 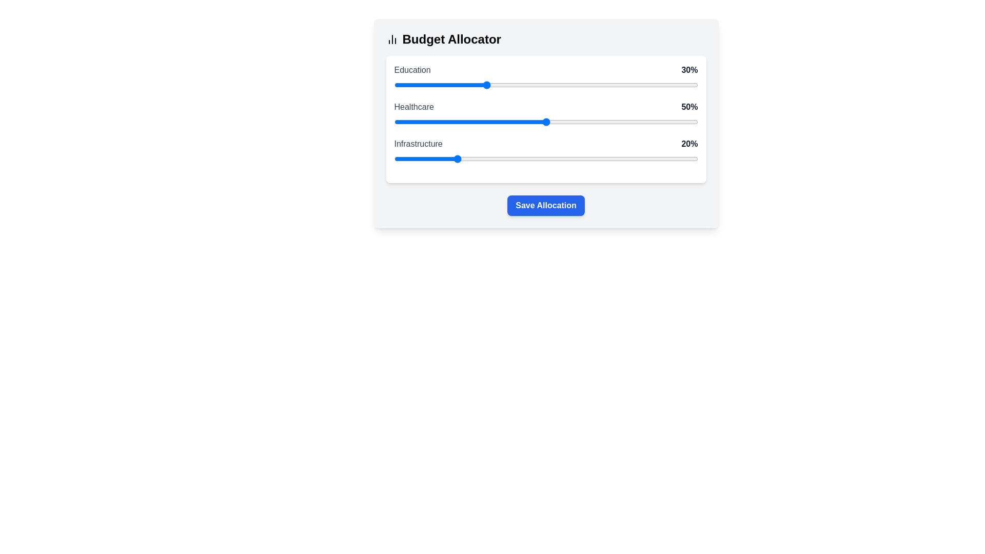 I want to click on the slider control labeled 'Education' with a blue progress bar indicating 30%, so click(x=545, y=78).